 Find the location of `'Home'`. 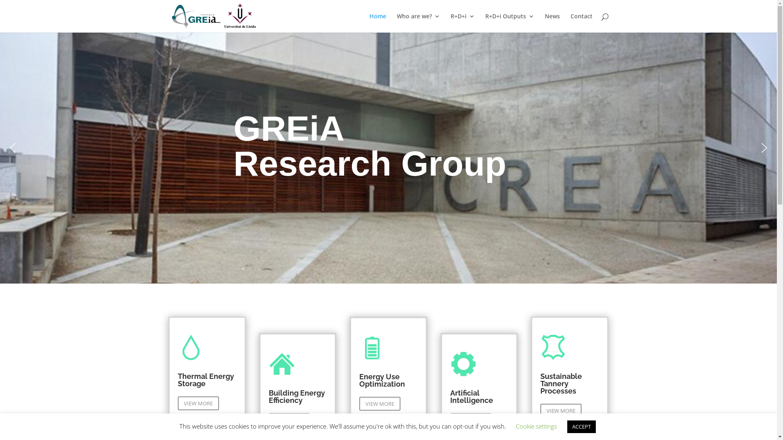

'Home' is located at coordinates (377, 22).